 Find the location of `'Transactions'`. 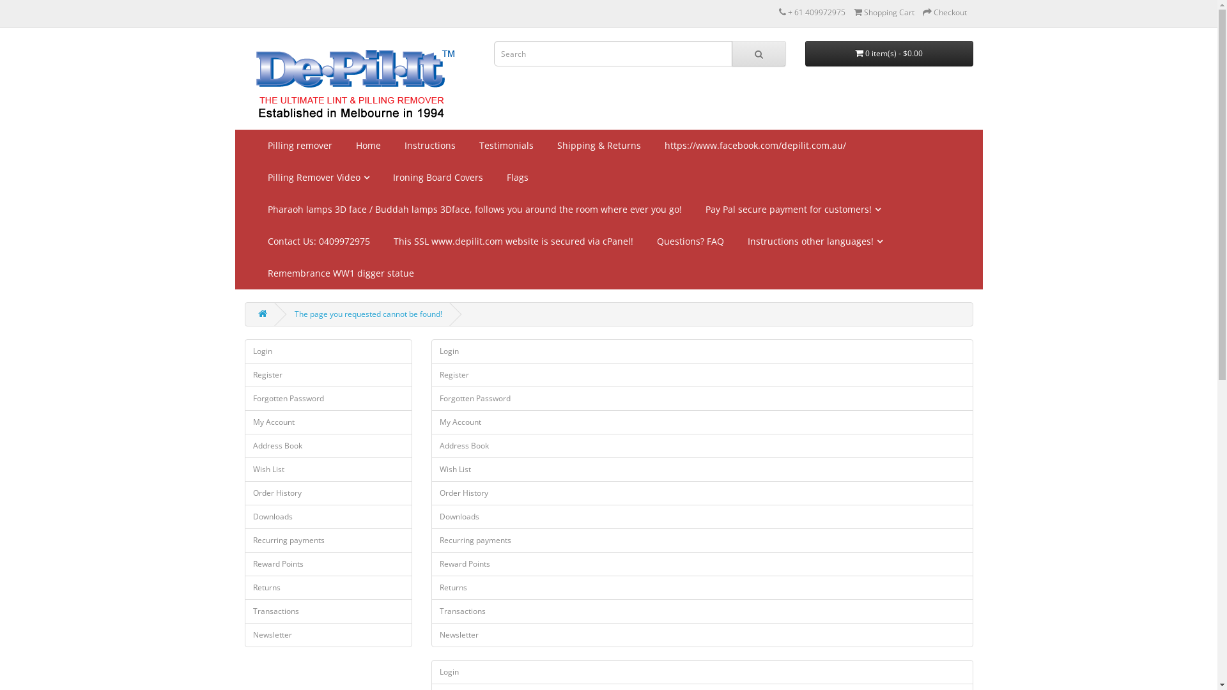

'Transactions' is located at coordinates (328, 610).